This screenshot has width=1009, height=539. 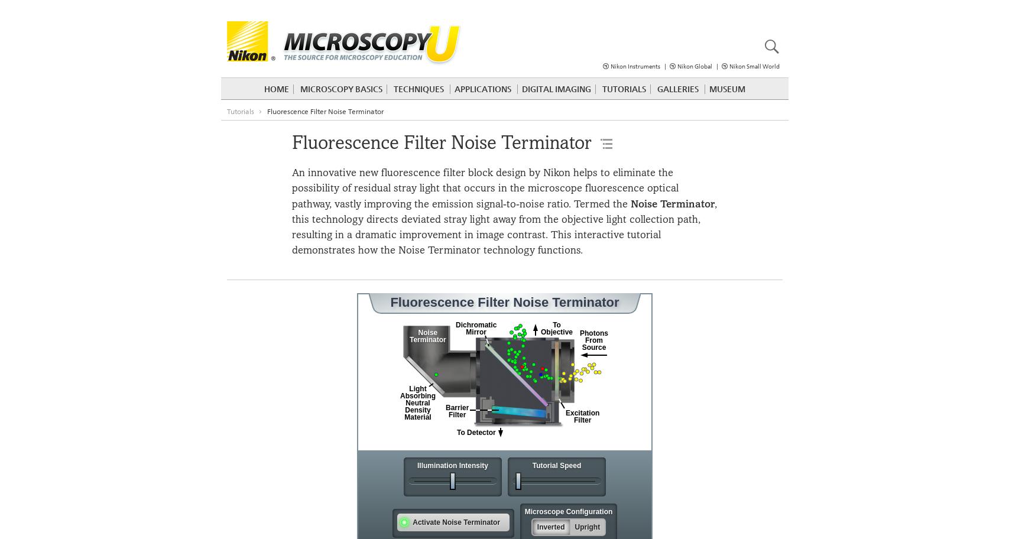 I want to click on 'Museum', so click(x=708, y=88).